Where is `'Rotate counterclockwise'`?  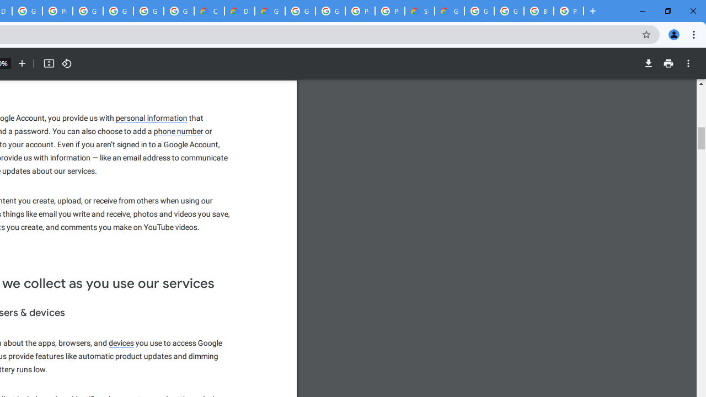 'Rotate counterclockwise' is located at coordinates (66, 63).